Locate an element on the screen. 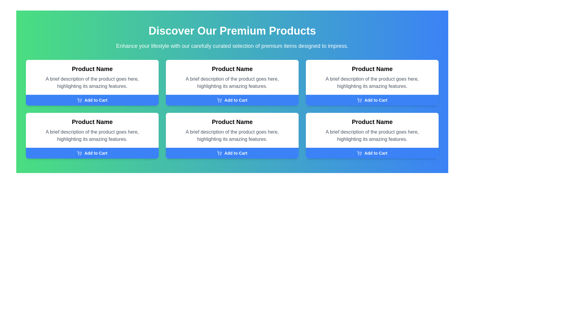 The width and height of the screenshot is (578, 325). product feature summary text located in the second product card, directly below the title 'Product Name' and above the 'Add to Cart' button is located at coordinates (232, 82).